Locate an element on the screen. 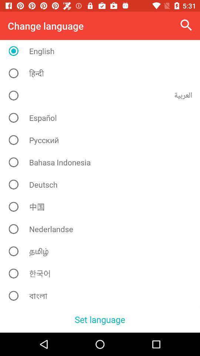 The image size is (200, 356). the icon below nederlandse is located at coordinates (102, 251).